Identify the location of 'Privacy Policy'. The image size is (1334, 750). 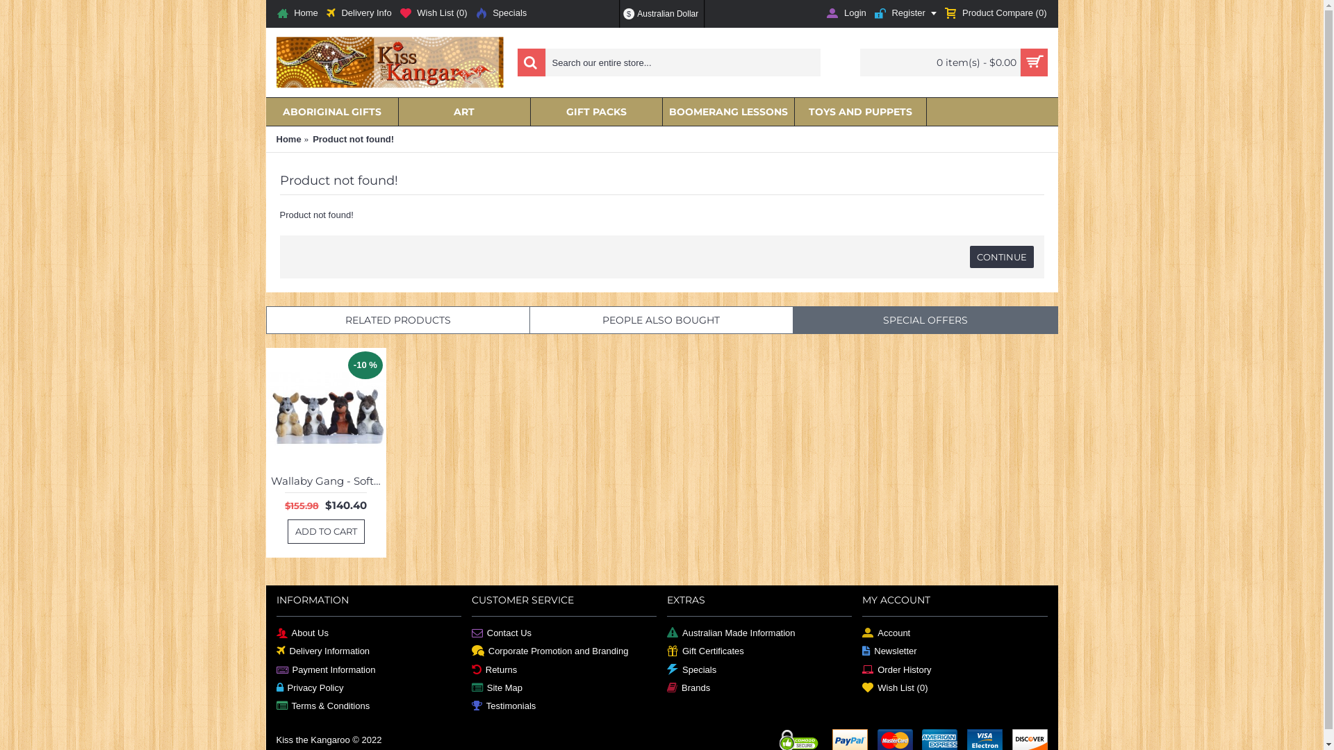
(369, 688).